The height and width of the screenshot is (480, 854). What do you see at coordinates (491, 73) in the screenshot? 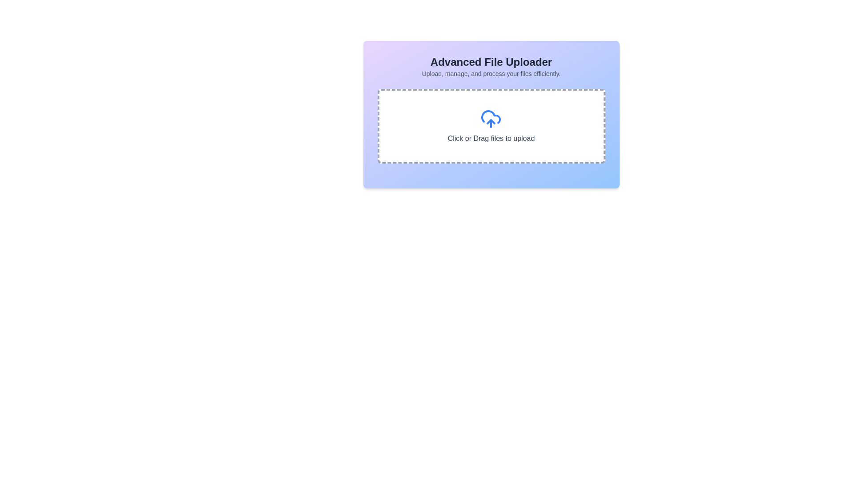
I see `the text label that reads 'Upload, manage, and process your files efficiently.' which is positioned below the title 'Advanced File Uploader'` at bounding box center [491, 73].